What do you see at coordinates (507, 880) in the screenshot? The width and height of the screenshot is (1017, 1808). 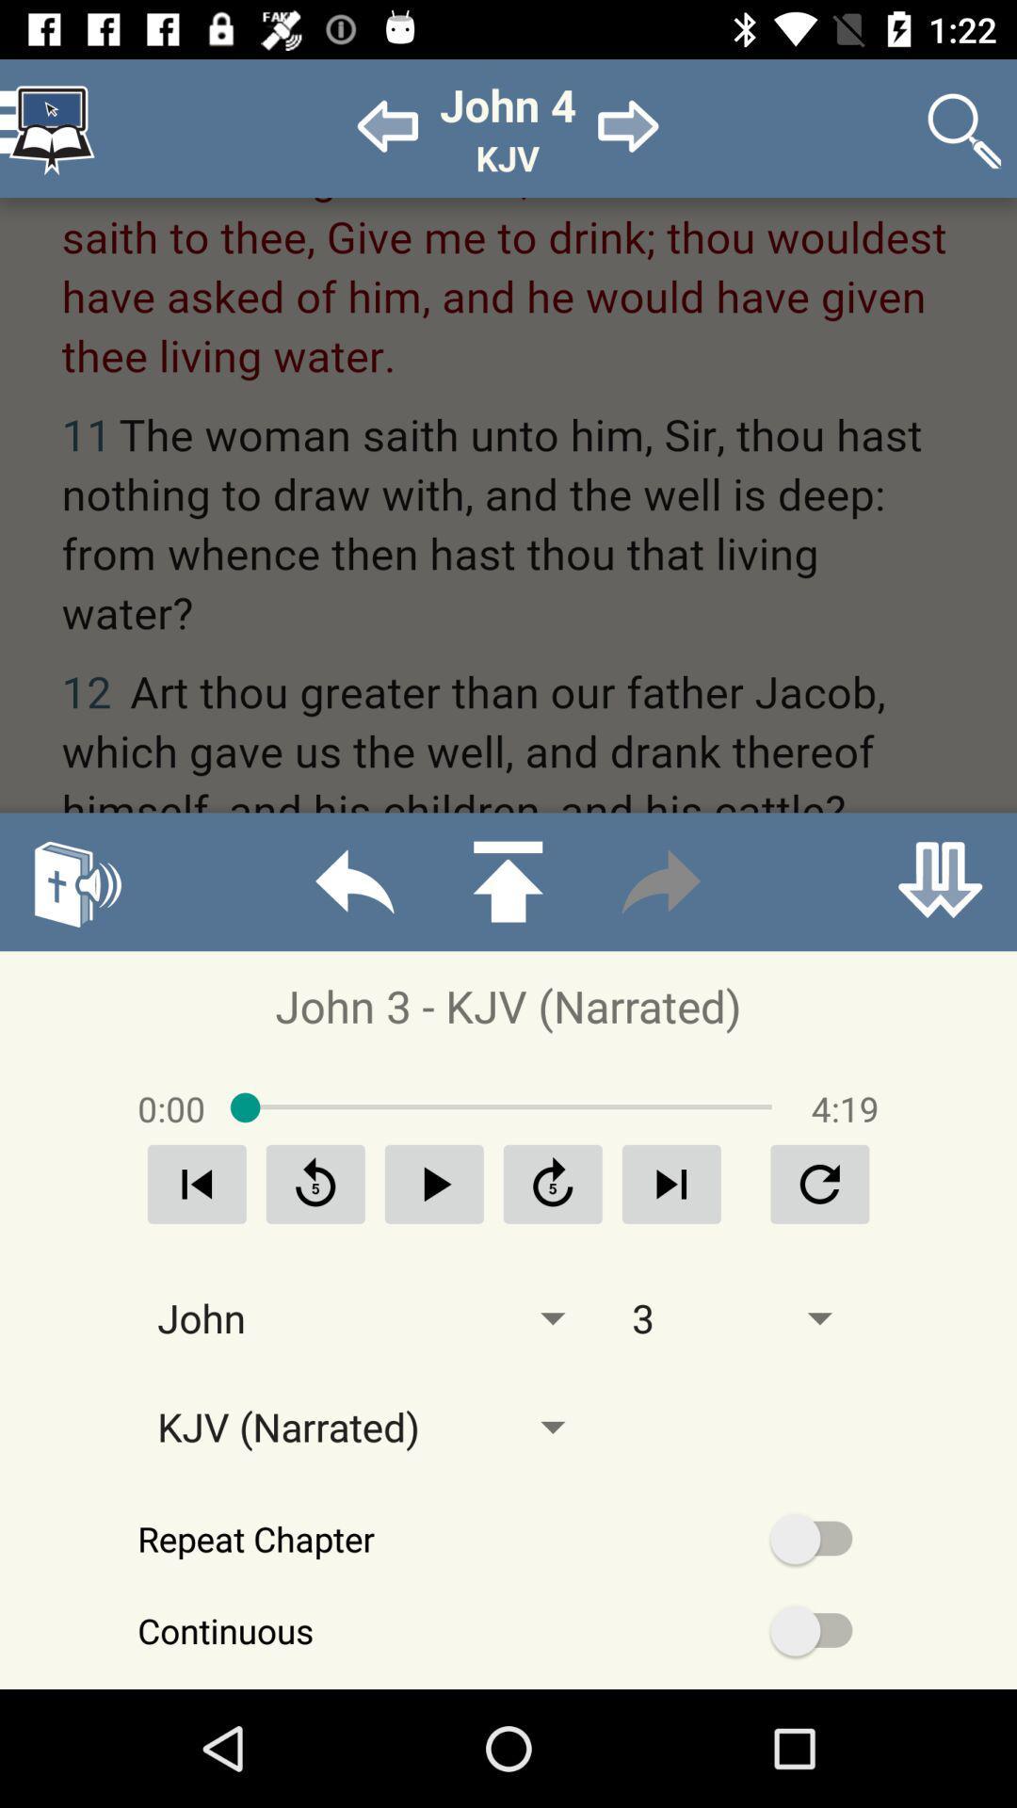 I see `the arrow_upward icon` at bounding box center [507, 880].